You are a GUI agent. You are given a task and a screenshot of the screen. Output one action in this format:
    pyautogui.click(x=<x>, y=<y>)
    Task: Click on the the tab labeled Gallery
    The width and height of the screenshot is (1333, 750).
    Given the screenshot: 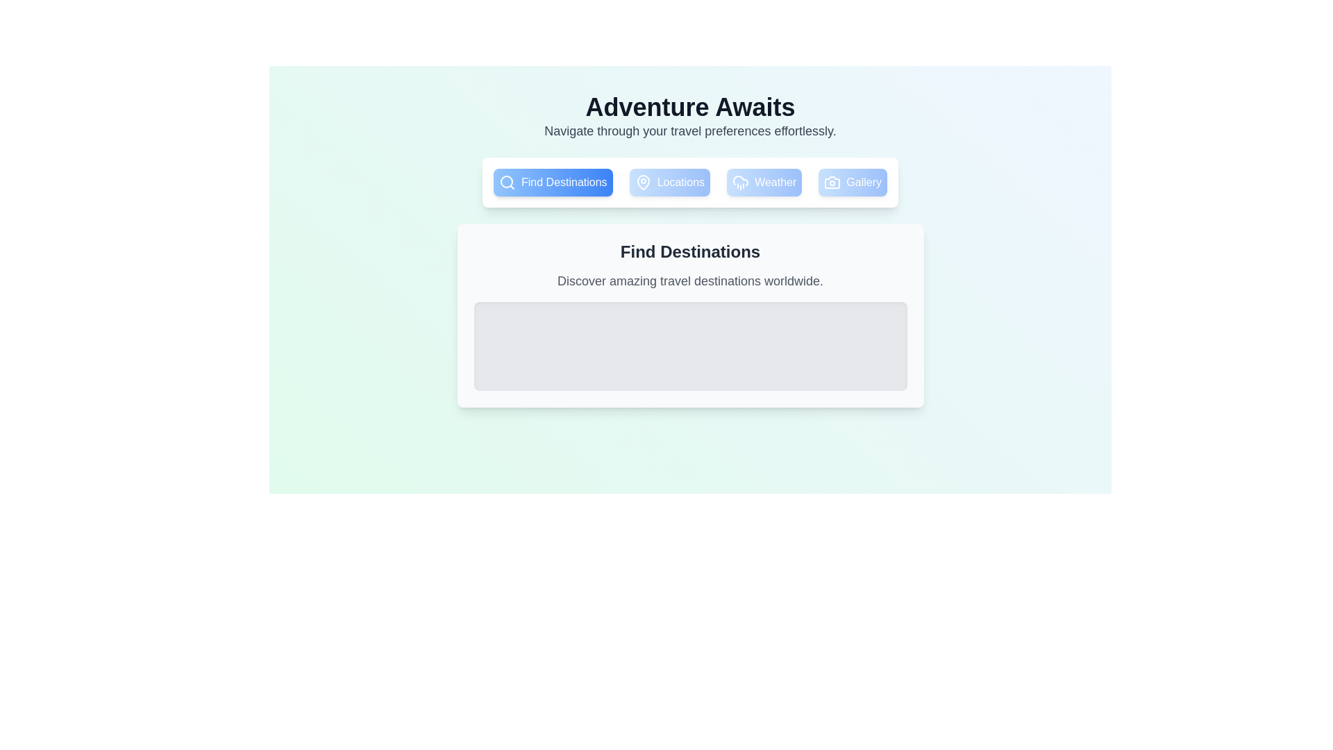 What is the action you would take?
    pyautogui.click(x=852, y=181)
    